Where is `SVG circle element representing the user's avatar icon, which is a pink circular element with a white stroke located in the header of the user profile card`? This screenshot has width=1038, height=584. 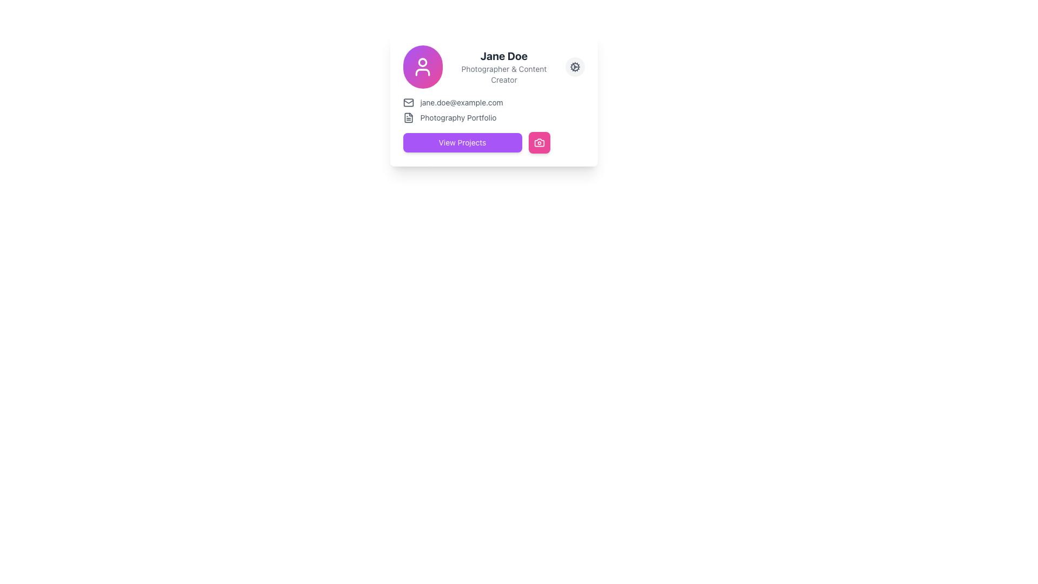 SVG circle element representing the user's avatar icon, which is a pink circular element with a white stroke located in the header of the user profile card is located at coordinates (422, 62).